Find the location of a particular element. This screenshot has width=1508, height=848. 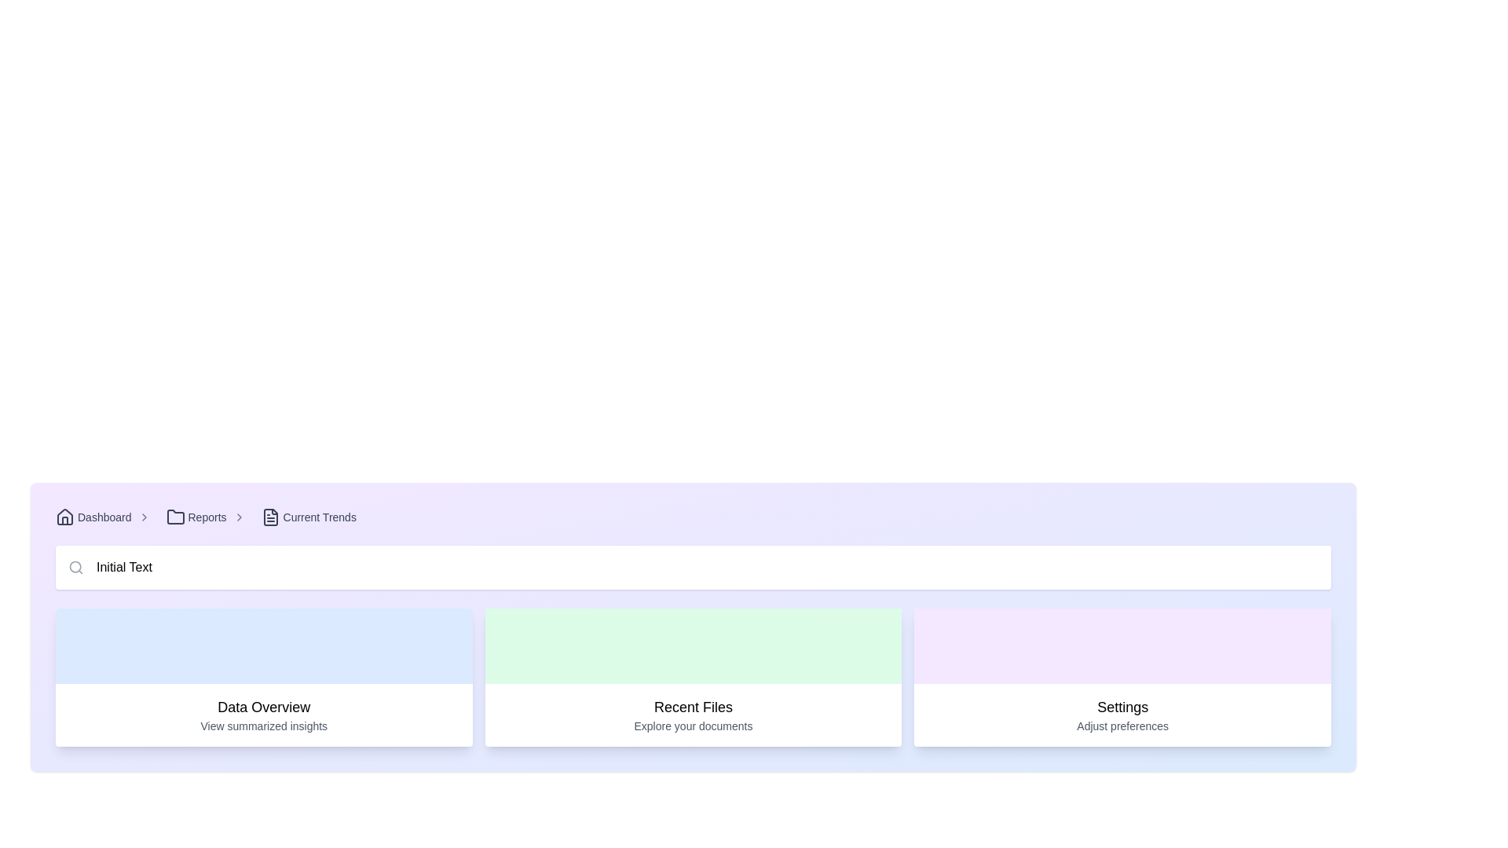

the 'Data Overview' informational section, which includes the heading 'Data Overview' and the subheading 'View summarized insights' is located at coordinates (264, 715).